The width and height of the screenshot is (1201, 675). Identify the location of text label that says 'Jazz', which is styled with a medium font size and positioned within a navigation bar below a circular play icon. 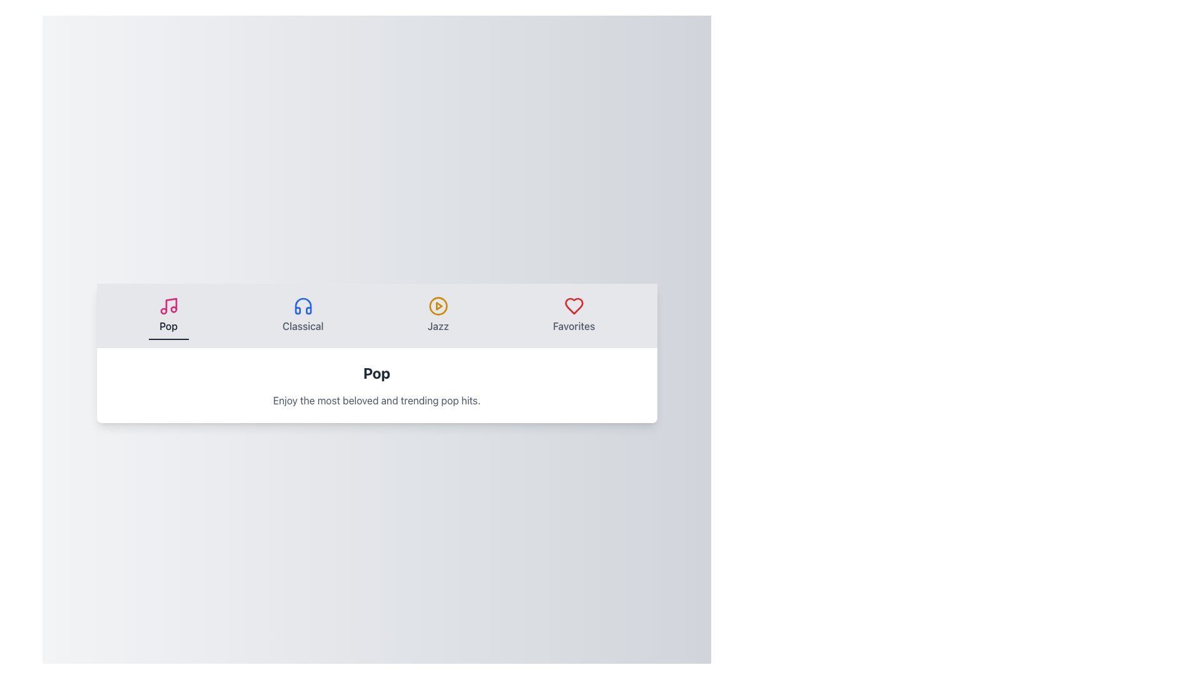
(438, 325).